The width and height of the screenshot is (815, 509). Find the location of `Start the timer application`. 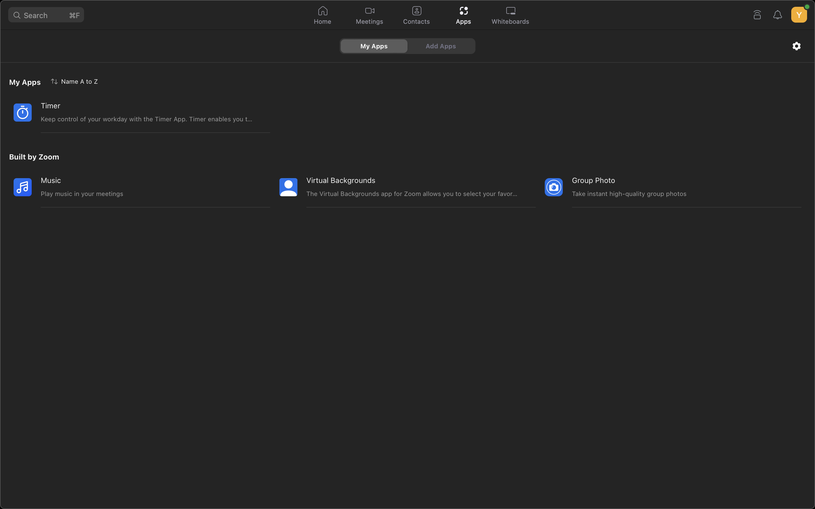

Start the timer application is located at coordinates (131, 112).